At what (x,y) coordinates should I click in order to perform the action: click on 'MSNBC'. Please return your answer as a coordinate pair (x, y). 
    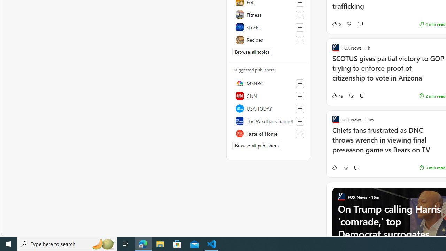
    Looking at the image, I should click on (268, 83).